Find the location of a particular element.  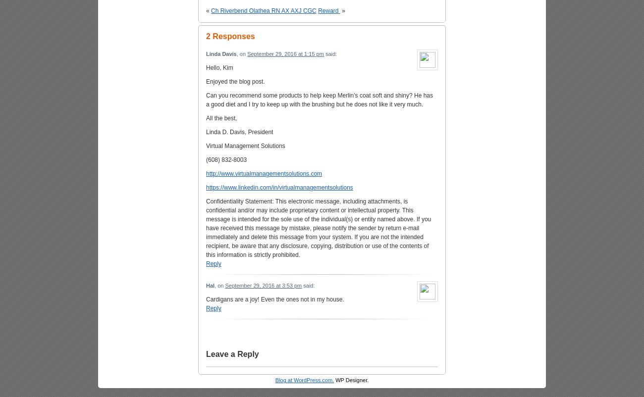

'Linda D. Davis, President' is located at coordinates (239, 132).